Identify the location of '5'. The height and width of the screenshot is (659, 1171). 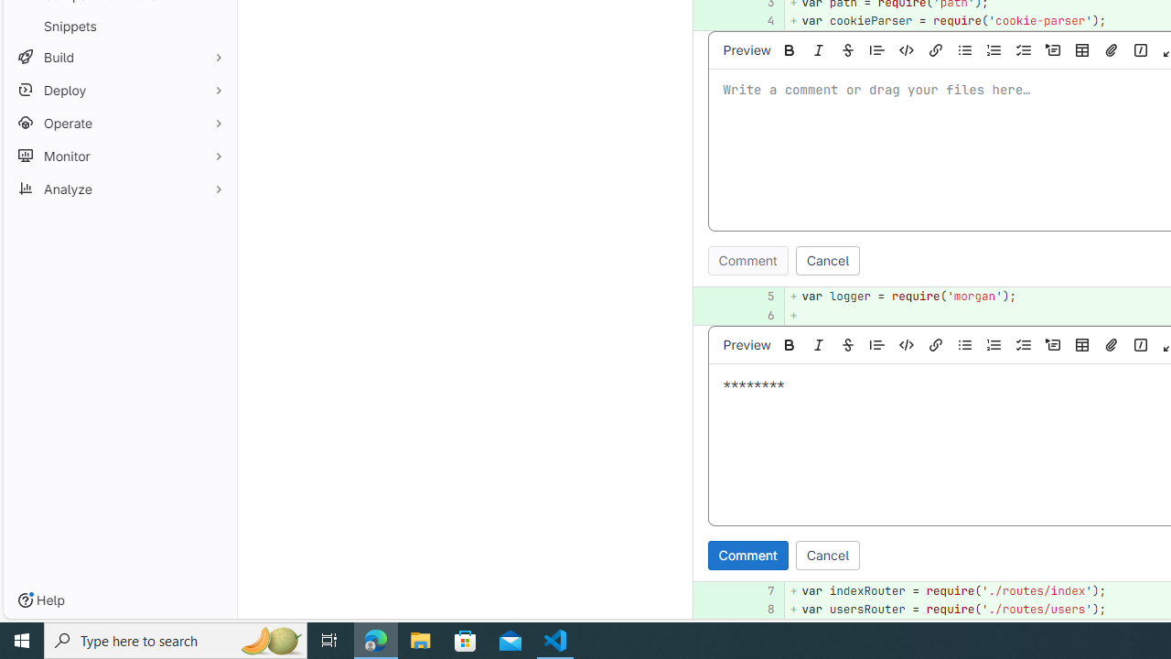
(758, 296).